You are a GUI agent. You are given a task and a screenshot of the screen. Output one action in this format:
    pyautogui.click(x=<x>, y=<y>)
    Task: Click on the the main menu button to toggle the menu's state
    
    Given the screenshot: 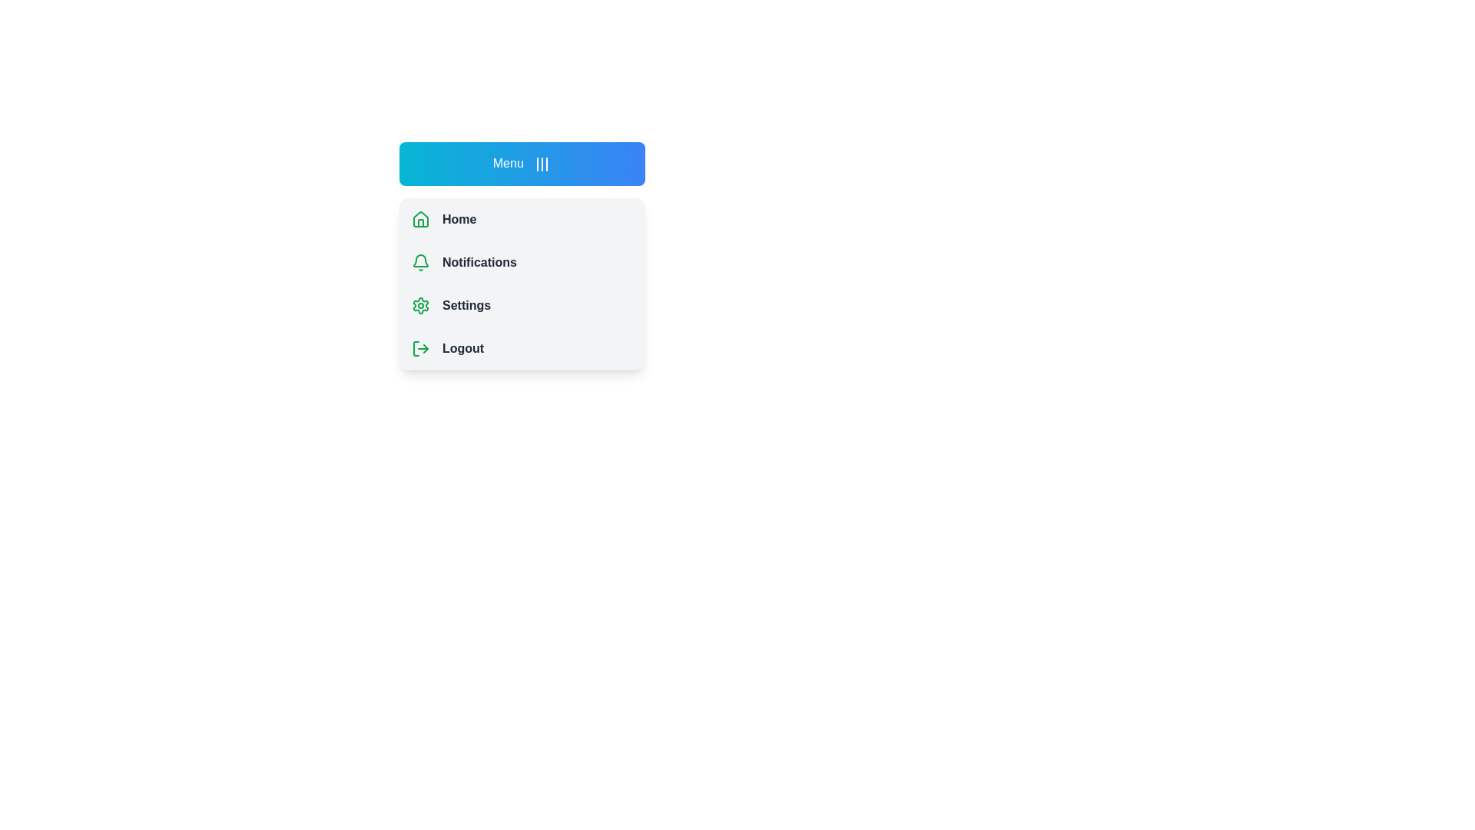 What is the action you would take?
    pyautogui.click(x=522, y=163)
    